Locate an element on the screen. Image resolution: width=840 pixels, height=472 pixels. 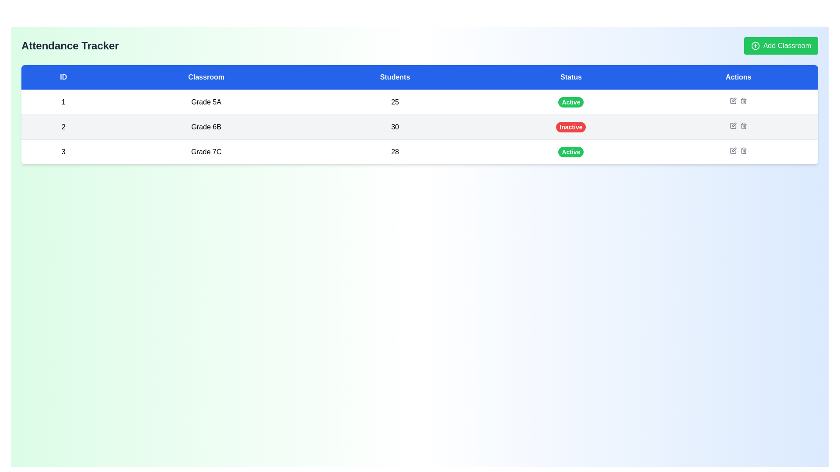
the status label indicating the active status of an entity located in the fourth column of the first row of the table is located at coordinates (571, 102).